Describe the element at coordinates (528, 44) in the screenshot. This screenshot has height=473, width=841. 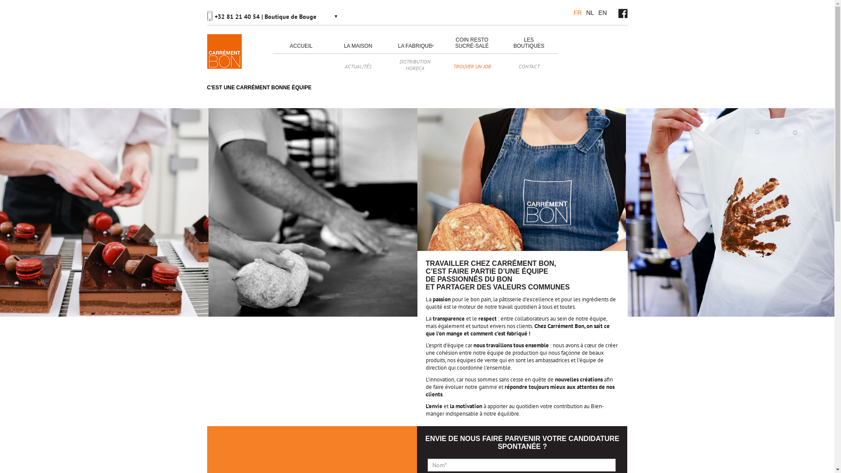
I see `'LES BOUTIQUES'` at that location.